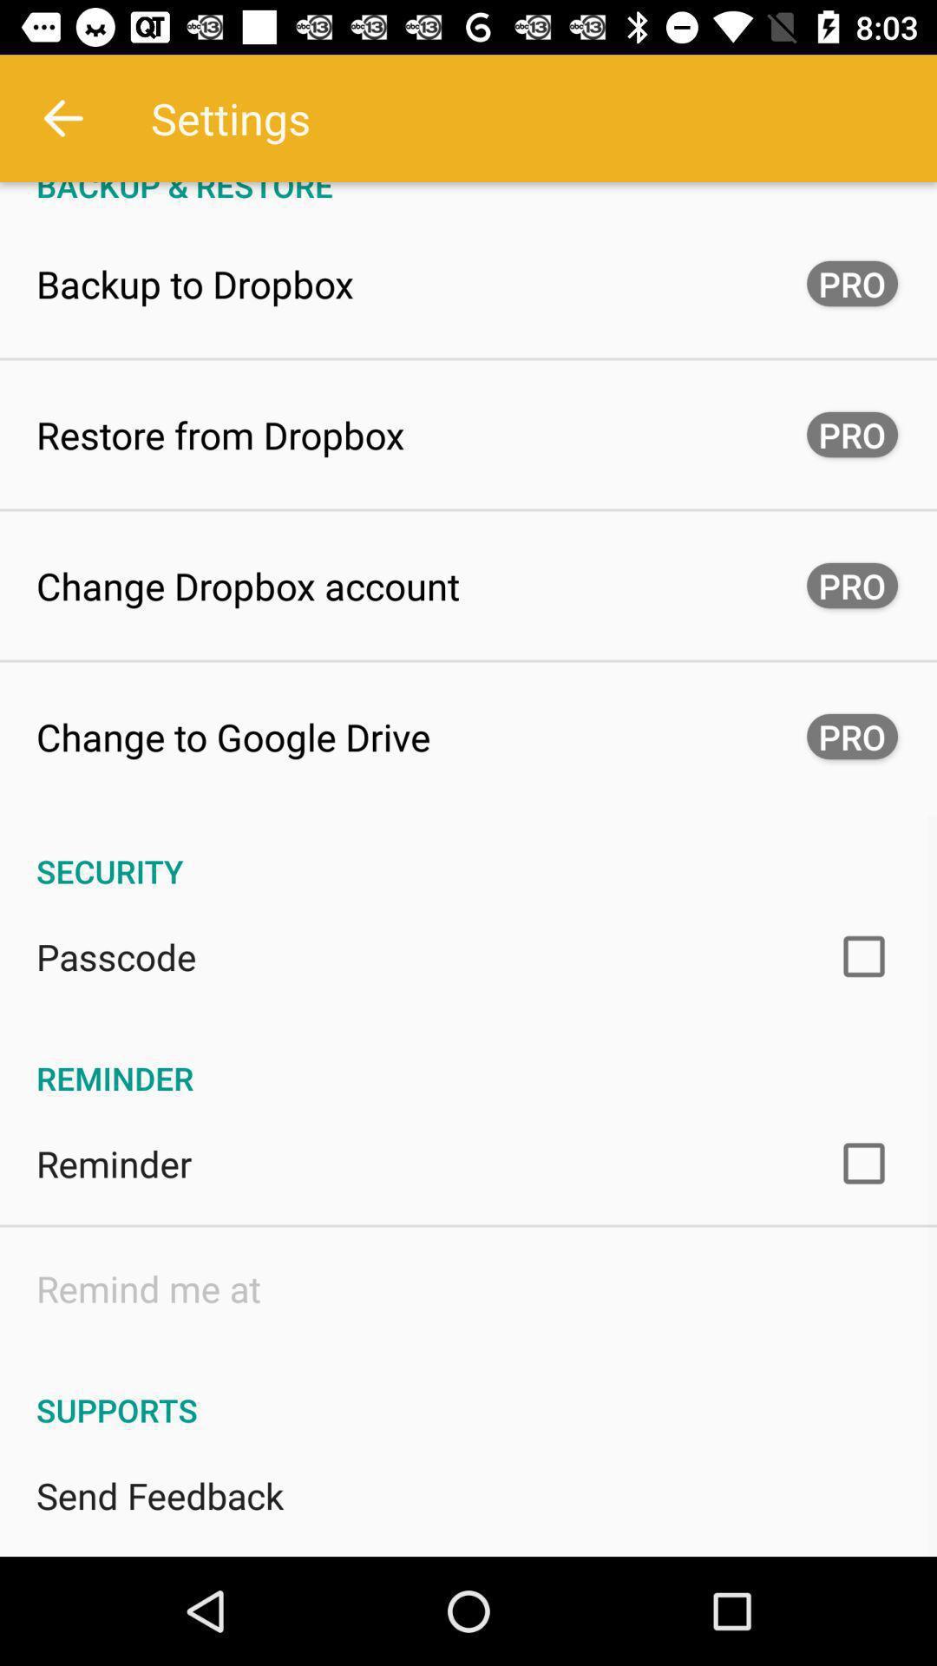  I want to click on icon to the left of the pro icon, so click(233, 737).